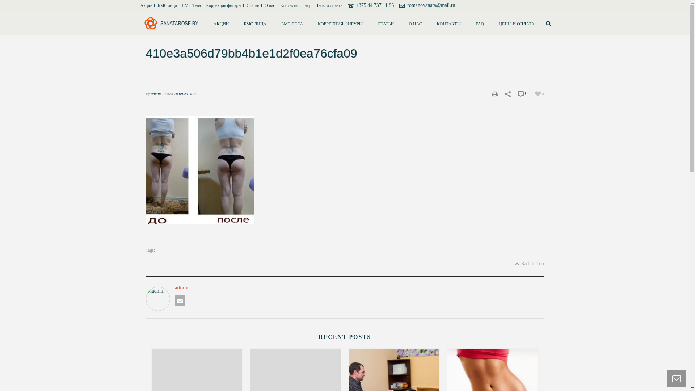 This screenshot has width=695, height=391. I want to click on 'romanovanata@mail.ru', so click(431, 5).